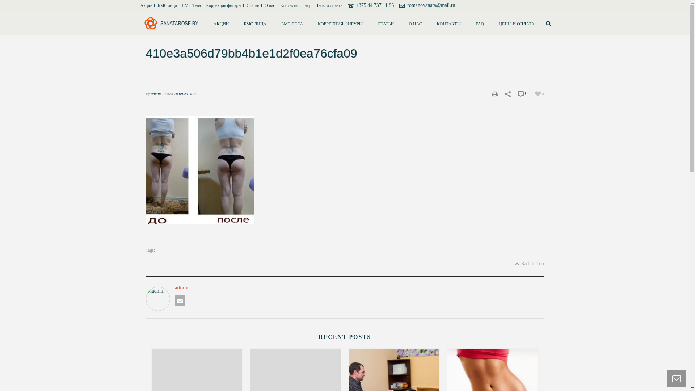 This screenshot has width=695, height=391. I want to click on 'romanovanata@mail.ru', so click(431, 5).